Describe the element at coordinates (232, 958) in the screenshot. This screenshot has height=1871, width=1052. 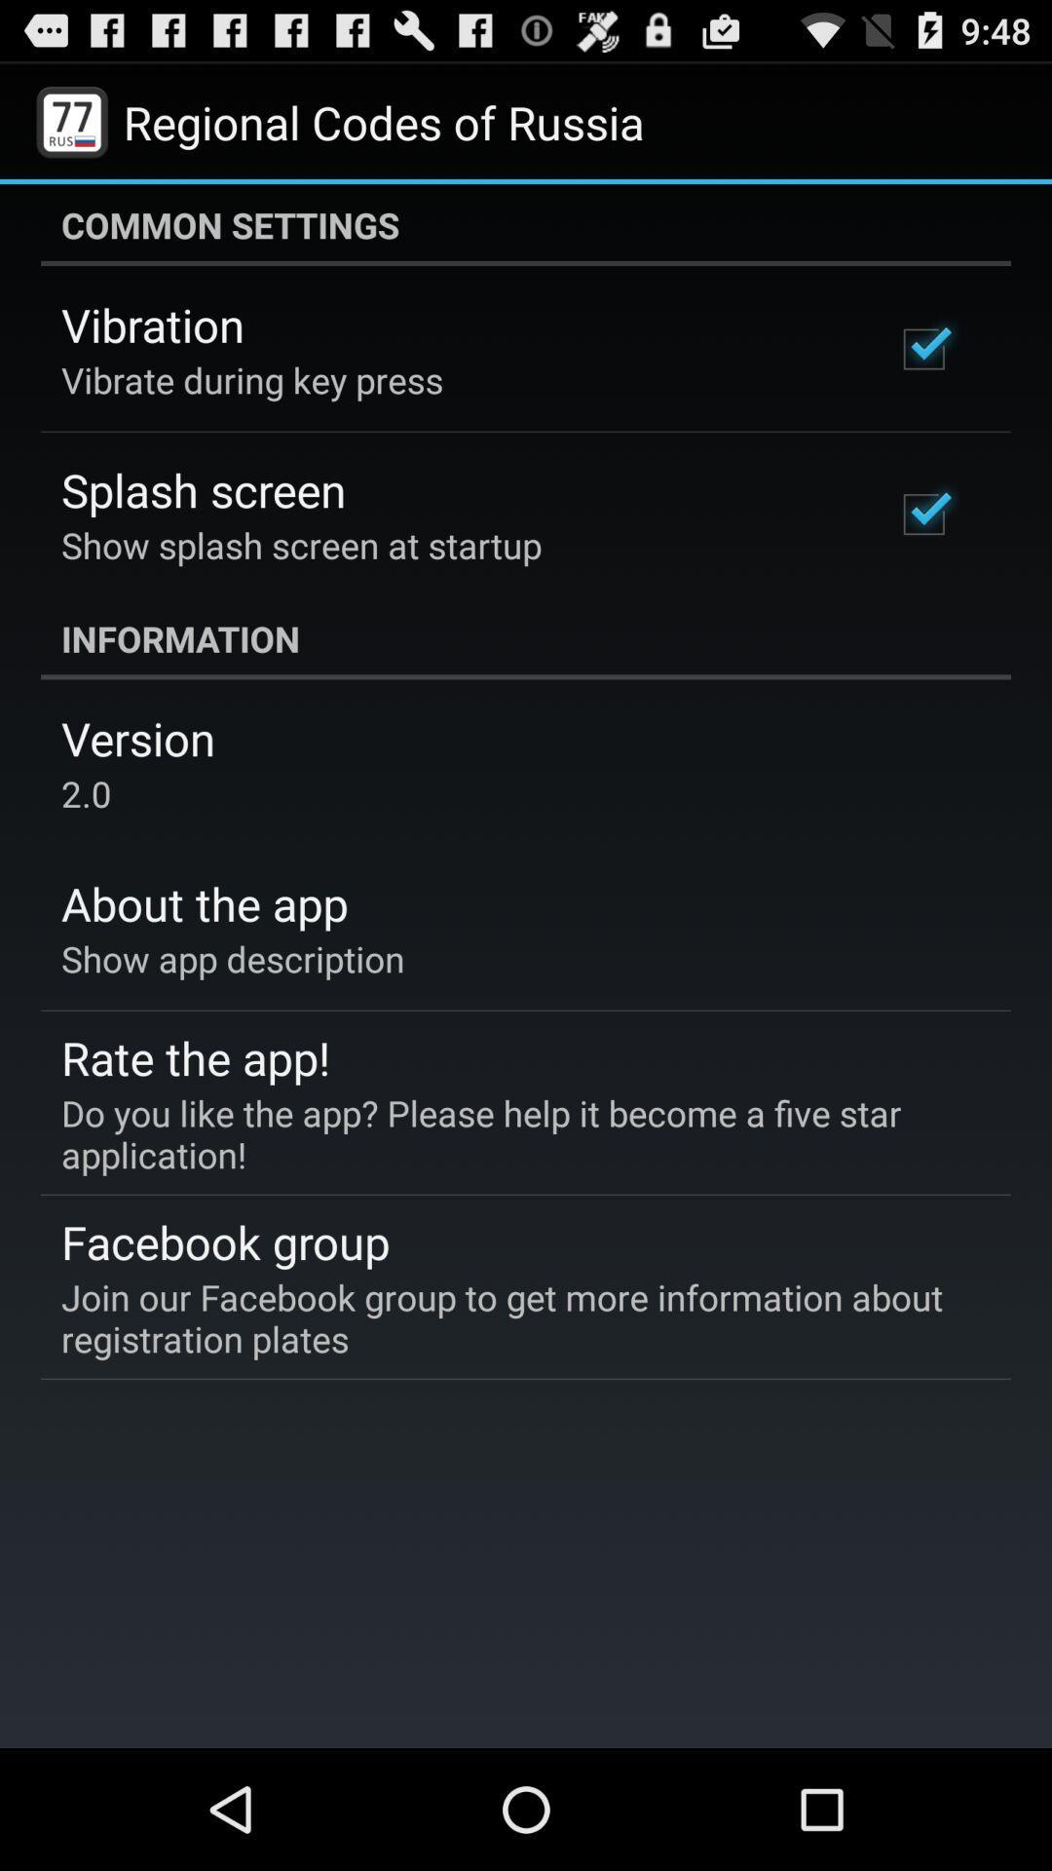
I see `app below the about the app` at that location.